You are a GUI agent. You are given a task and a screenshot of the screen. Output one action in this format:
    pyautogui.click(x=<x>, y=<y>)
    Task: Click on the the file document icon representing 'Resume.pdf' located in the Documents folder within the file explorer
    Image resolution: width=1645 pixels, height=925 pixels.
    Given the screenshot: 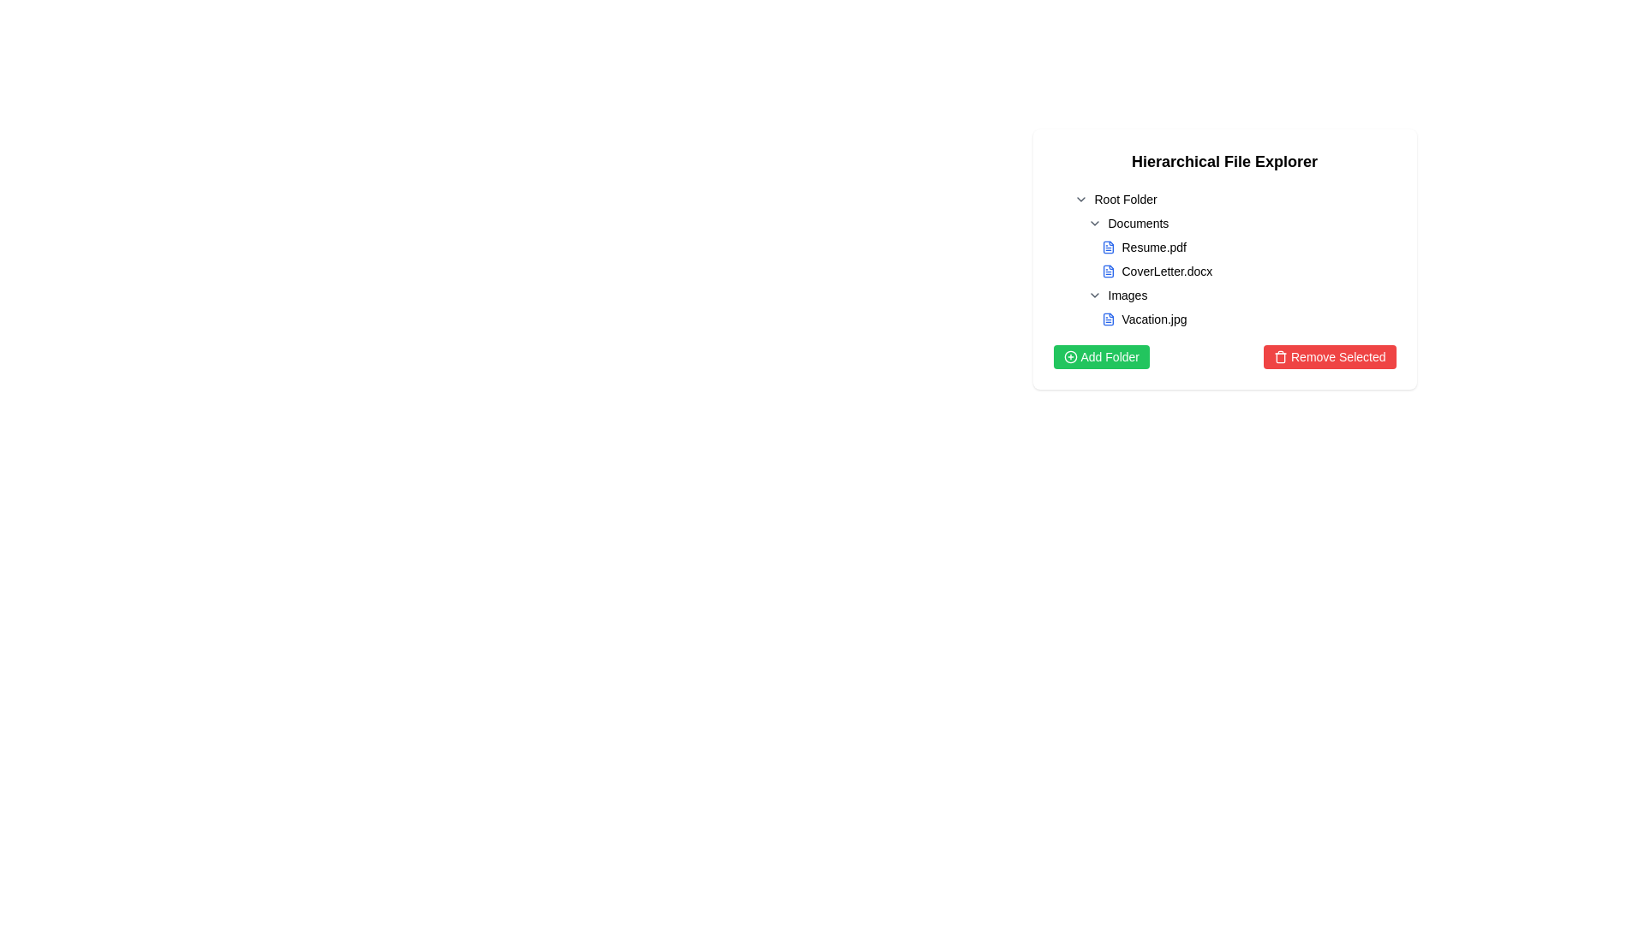 What is the action you would take?
    pyautogui.click(x=1108, y=248)
    